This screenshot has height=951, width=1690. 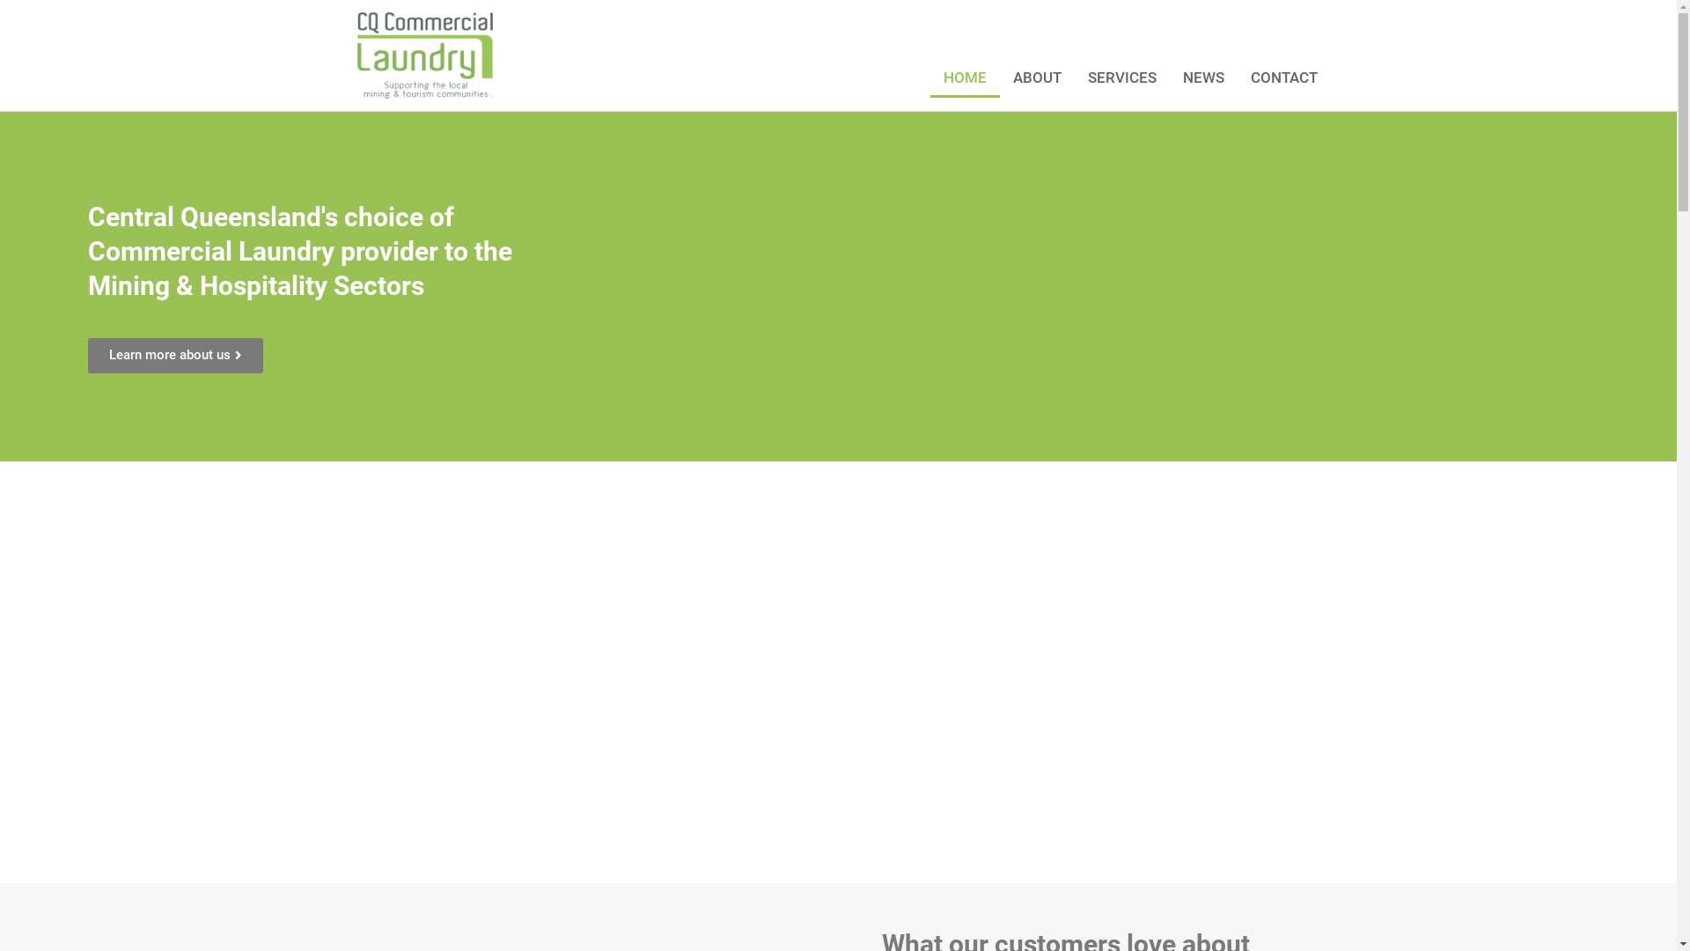 What do you see at coordinates (1202, 77) in the screenshot?
I see `'NEWS'` at bounding box center [1202, 77].